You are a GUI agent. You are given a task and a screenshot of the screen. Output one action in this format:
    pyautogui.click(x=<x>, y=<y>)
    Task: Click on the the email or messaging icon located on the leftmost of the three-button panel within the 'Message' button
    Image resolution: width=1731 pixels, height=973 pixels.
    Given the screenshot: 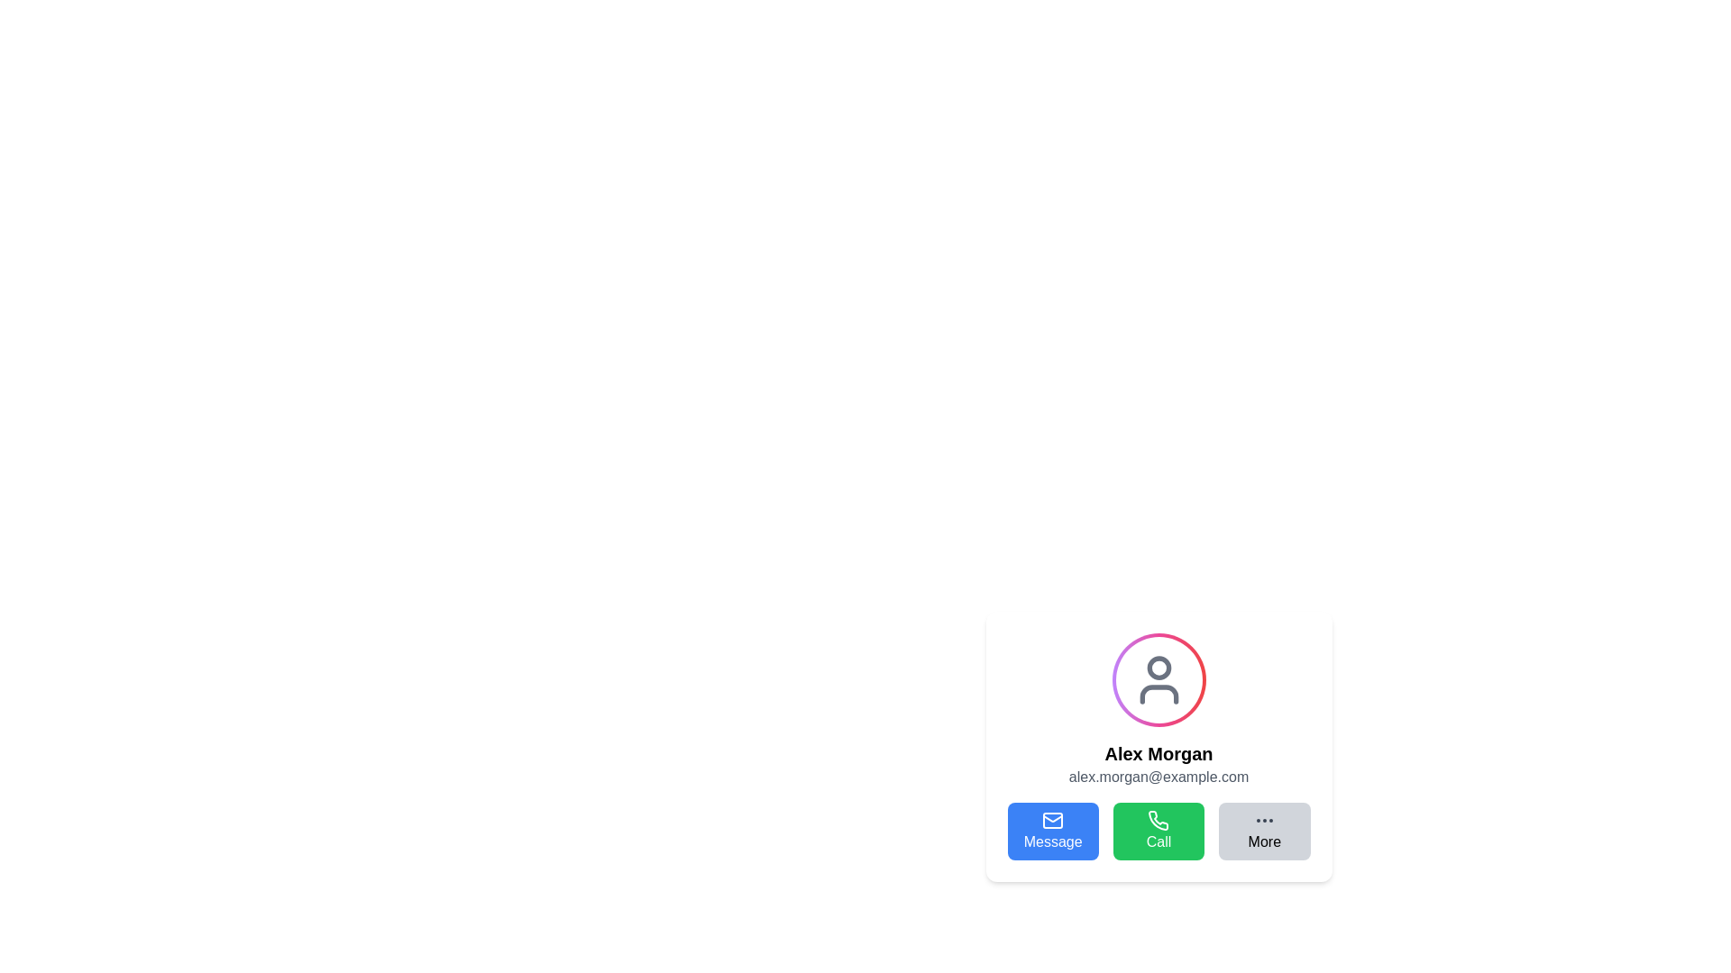 What is the action you would take?
    pyautogui.click(x=1053, y=820)
    